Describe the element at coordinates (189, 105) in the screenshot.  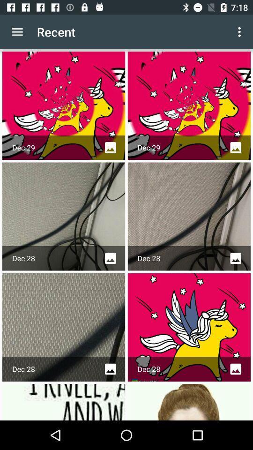
I see `the right side first image` at that location.